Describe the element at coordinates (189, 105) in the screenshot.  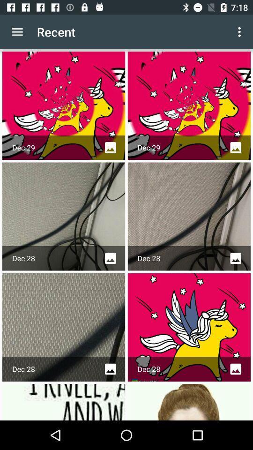
I see `the right side first image` at that location.